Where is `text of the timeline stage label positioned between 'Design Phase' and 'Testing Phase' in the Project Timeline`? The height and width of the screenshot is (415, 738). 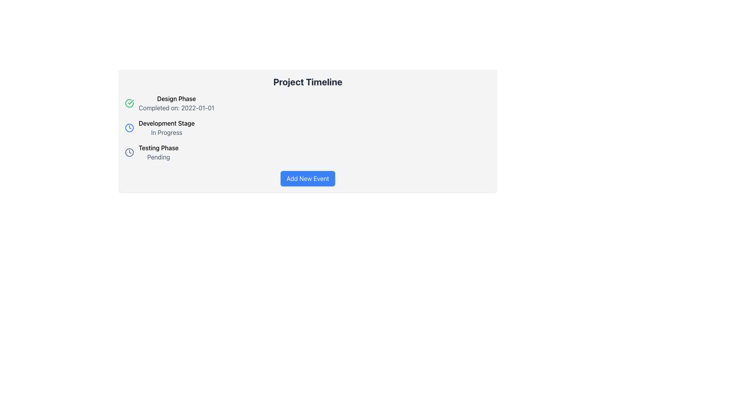
text of the timeline stage label positioned between 'Design Phase' and 'Testing Phase' in the Project Timeline is located at coordinates (166, 123).